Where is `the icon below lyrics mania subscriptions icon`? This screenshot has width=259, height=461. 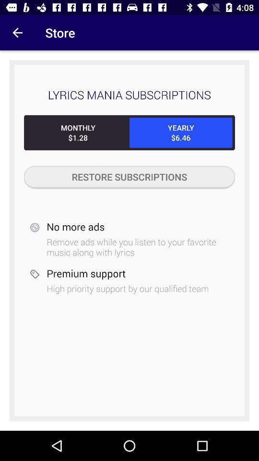 the icon below lyrics mania subscriptions icon is located at coordinates (181, 132).